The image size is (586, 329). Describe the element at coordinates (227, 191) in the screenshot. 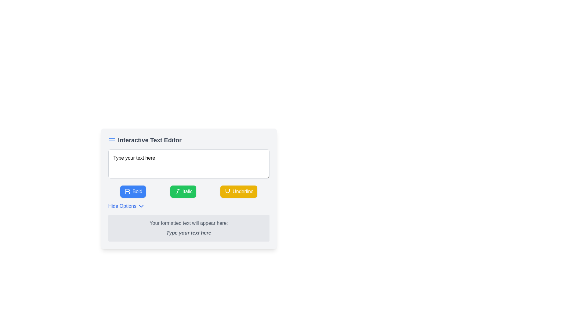

I see `the 'Underline' icon, which features a U-shaped glyph with a horizontal line below it, located within the button with a yellow background and white text, positioned among three text formatting buttons below the text input field` at that location.